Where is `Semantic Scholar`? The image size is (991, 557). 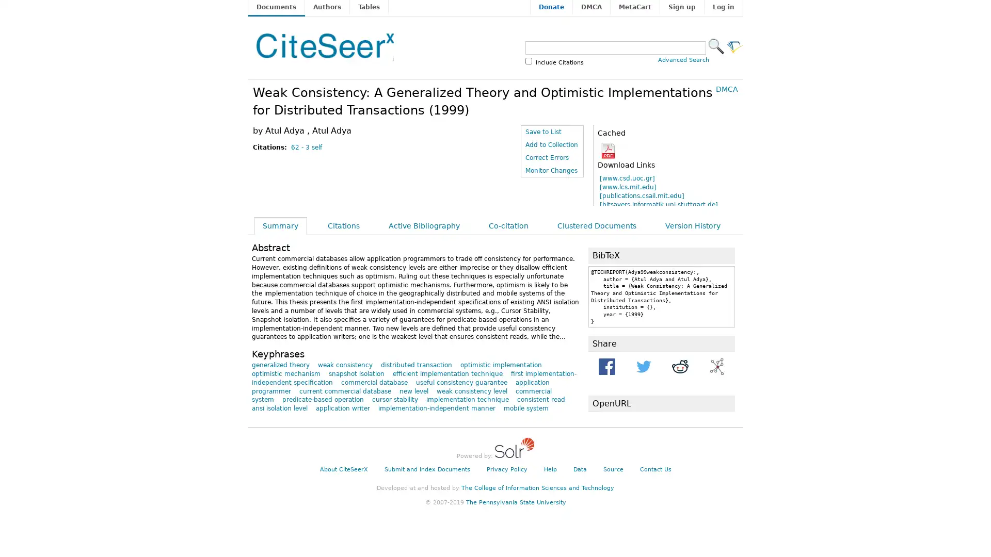 Semantic Scholar is located at coordinates (734, 45).